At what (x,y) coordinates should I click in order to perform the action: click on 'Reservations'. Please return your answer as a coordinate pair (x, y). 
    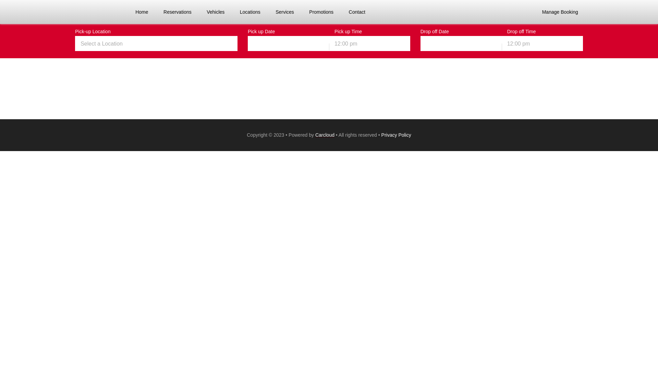
    Looking at the image, I should click on (160, 12).